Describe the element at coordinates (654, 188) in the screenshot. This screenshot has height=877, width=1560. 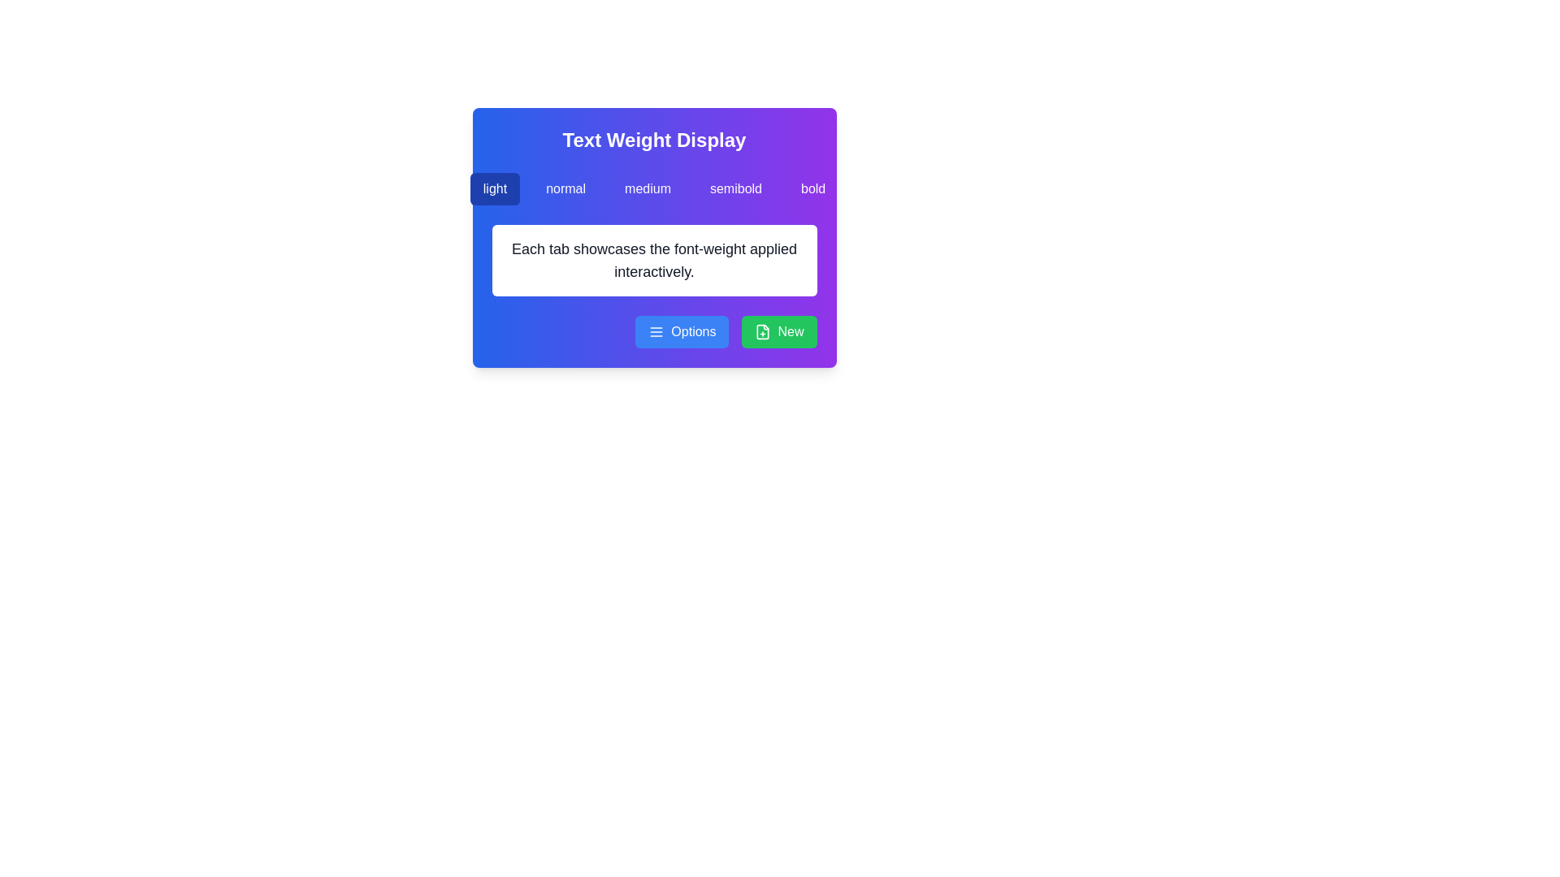
I see `the 'medium' button in the font-weight selector, which is the third button from the left in the horizontal tab selector beneath the 'Text Weight Display' title` at that location.